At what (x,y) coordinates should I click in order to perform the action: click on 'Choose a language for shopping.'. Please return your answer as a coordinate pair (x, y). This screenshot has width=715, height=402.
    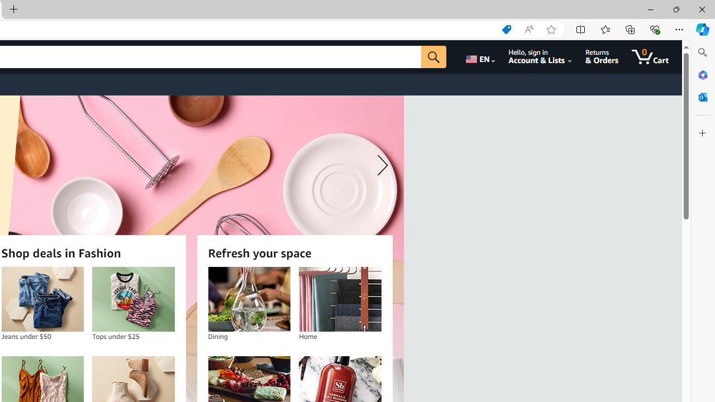
    Looking at the image, I should click on (479, 56).